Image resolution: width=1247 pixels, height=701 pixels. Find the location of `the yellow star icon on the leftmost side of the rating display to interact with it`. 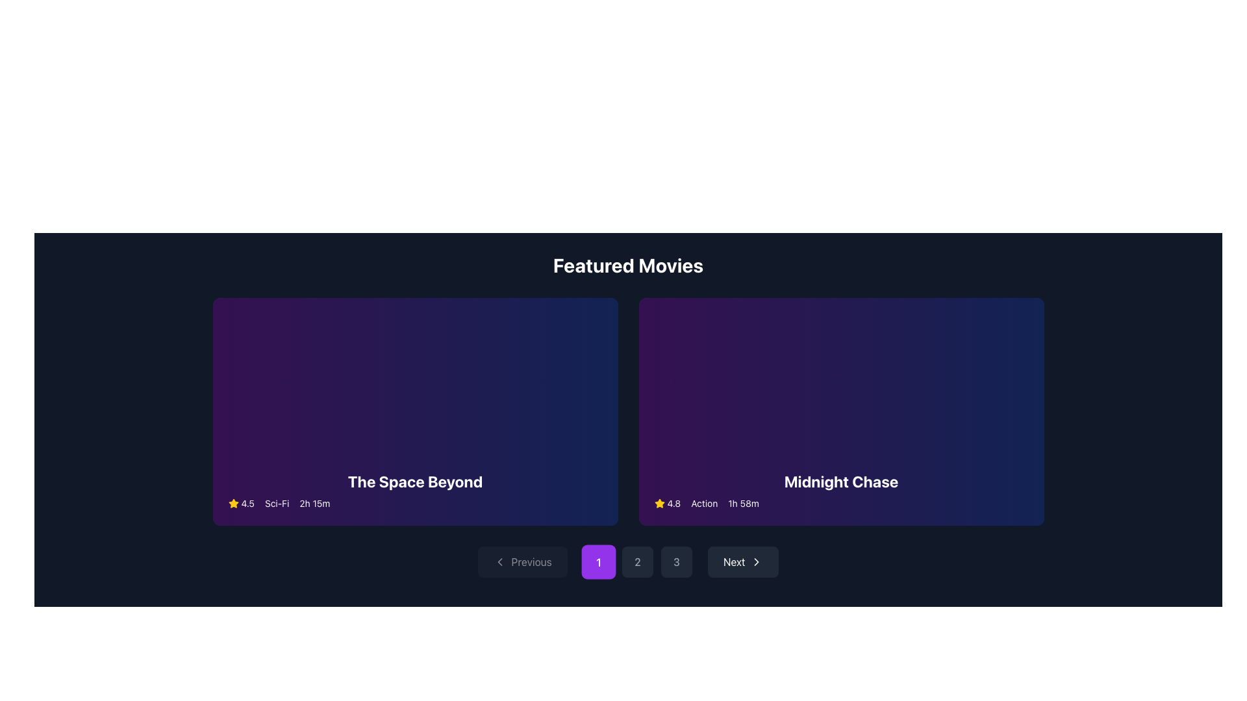

the yellow star icon on the leftmost side of the rating display to interact with it is located at coordinates (233, 502).